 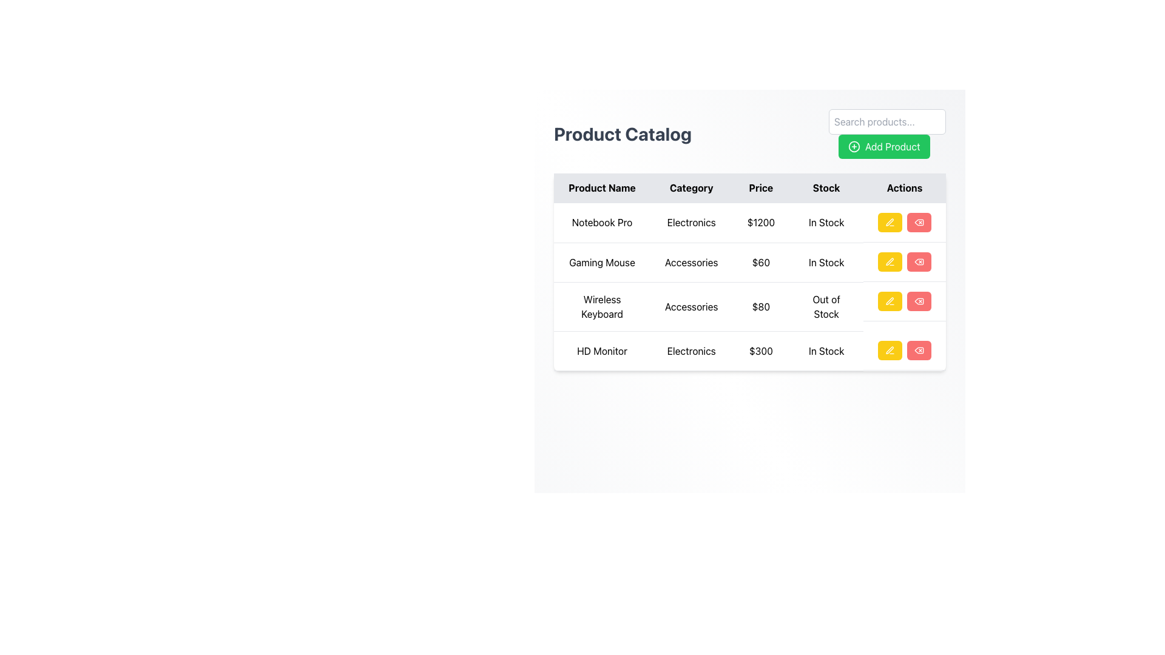 I want to click on the Text Label that serves as a header for the 'Stock' column, which is located between the 'Price' and 'Actions' headers in the table, so click(x=826, y=188).